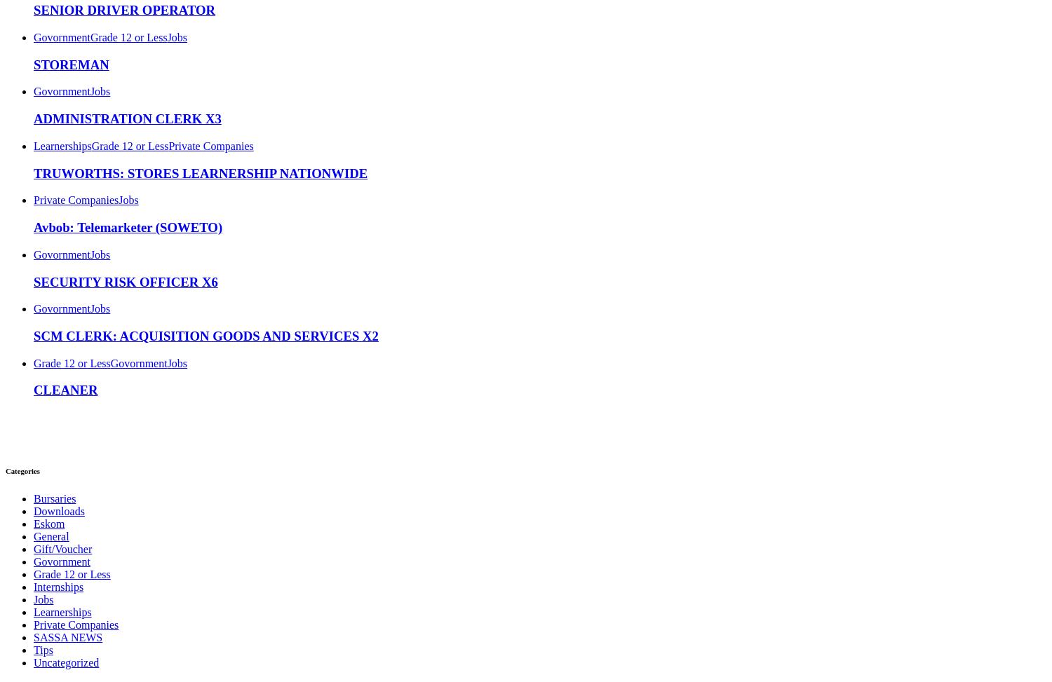 Image resolution: width=1052 pixels, height=682 pixels. I want to click on 'Avbob: Telemarketer (SOWETO)', so click(128, 227).